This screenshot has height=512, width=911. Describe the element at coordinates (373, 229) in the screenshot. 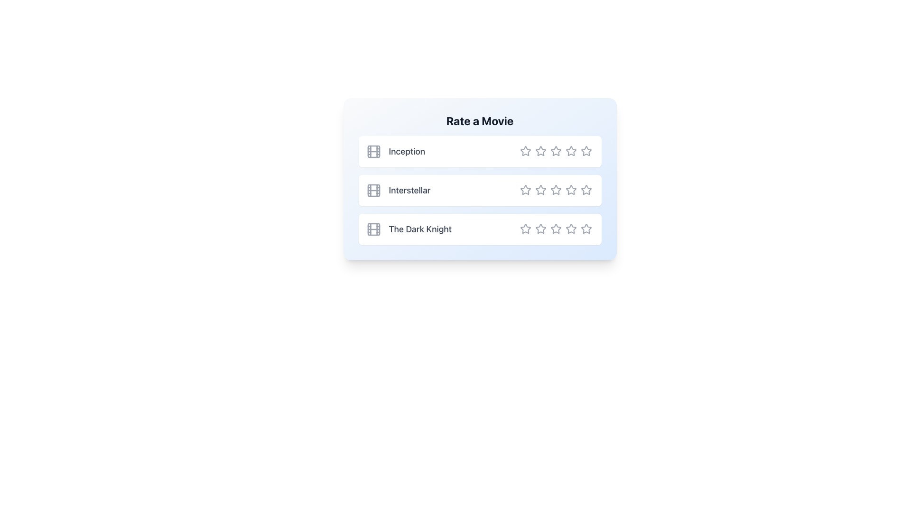

I see `the central rectangle of the SVG film reel icon located next to the text 'The Dark Knight' in the third row of the 'Rate a Movie' list` at that location.